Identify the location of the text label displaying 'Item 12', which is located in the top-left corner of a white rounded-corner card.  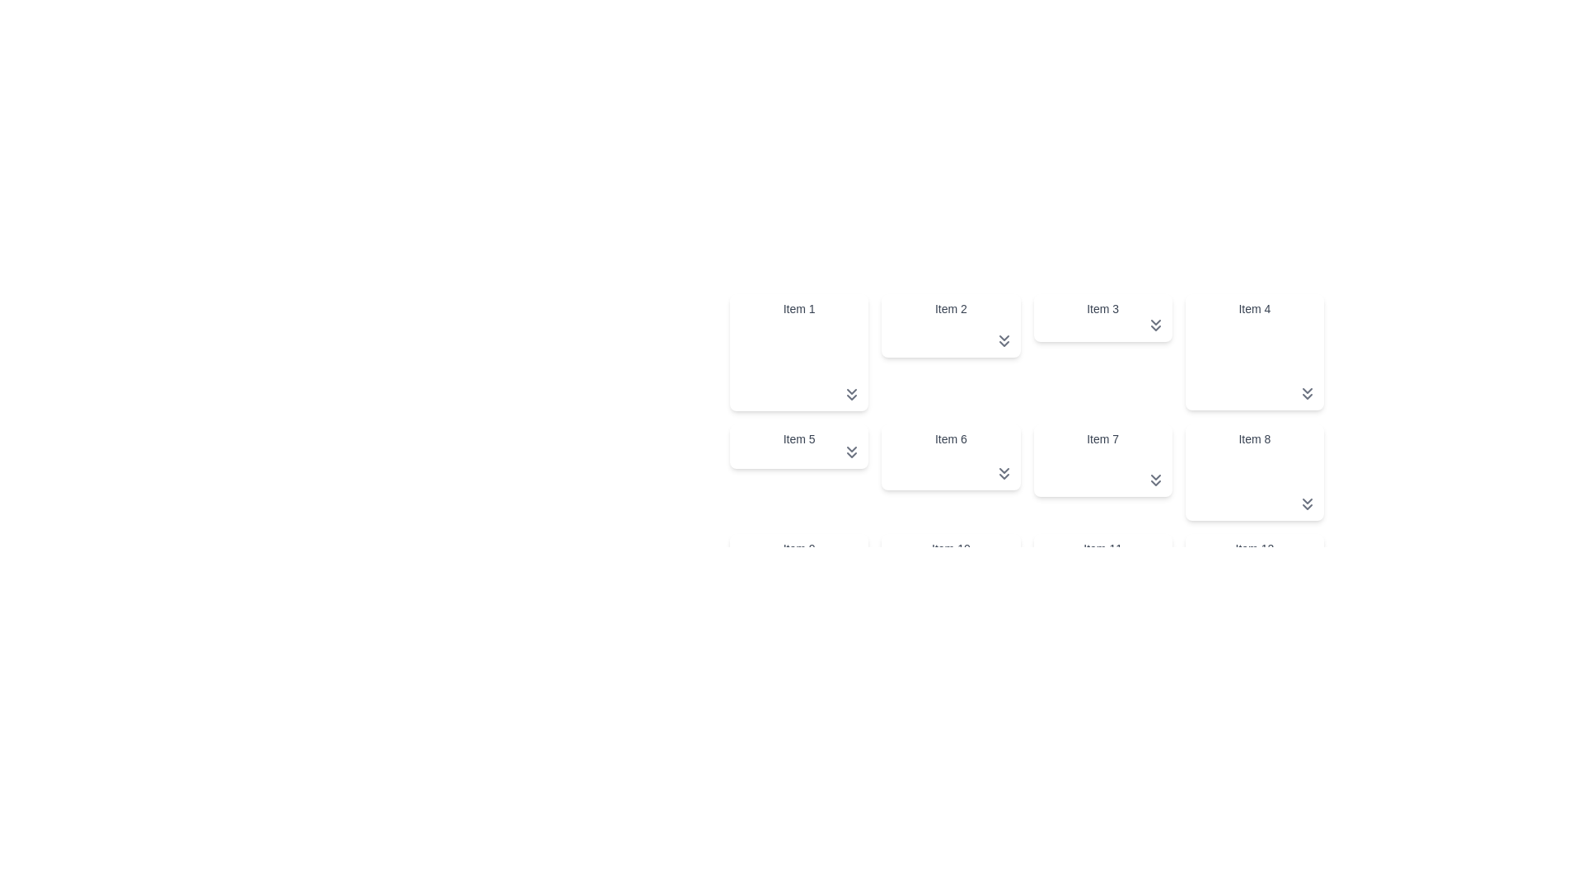
(1253, 548).